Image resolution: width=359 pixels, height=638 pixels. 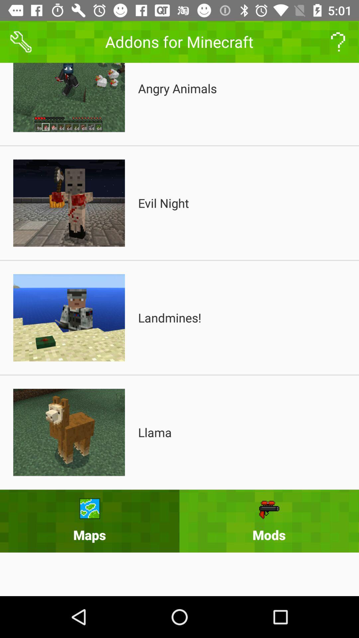 What do you see at coordinates (155, 432) in the screenshot?
I see `the icon below the landmines! icon` at bounding box center [155, 432].